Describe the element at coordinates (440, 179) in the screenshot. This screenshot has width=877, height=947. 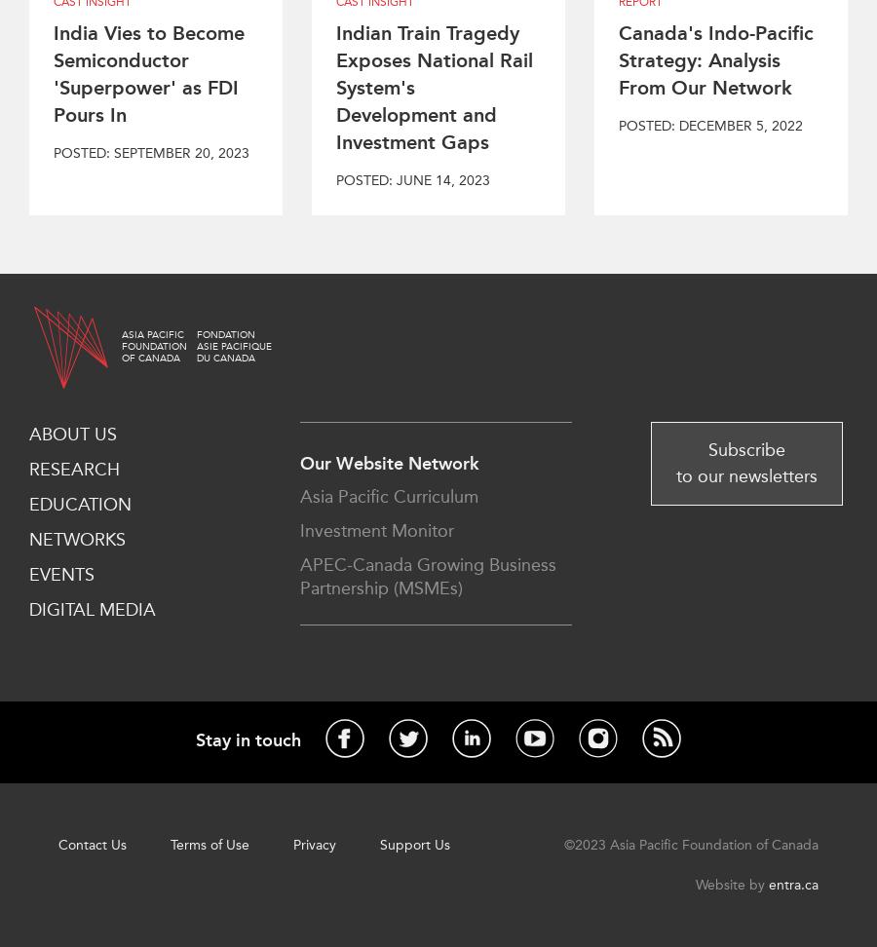
I see `'June 14, 2023'` at that location.